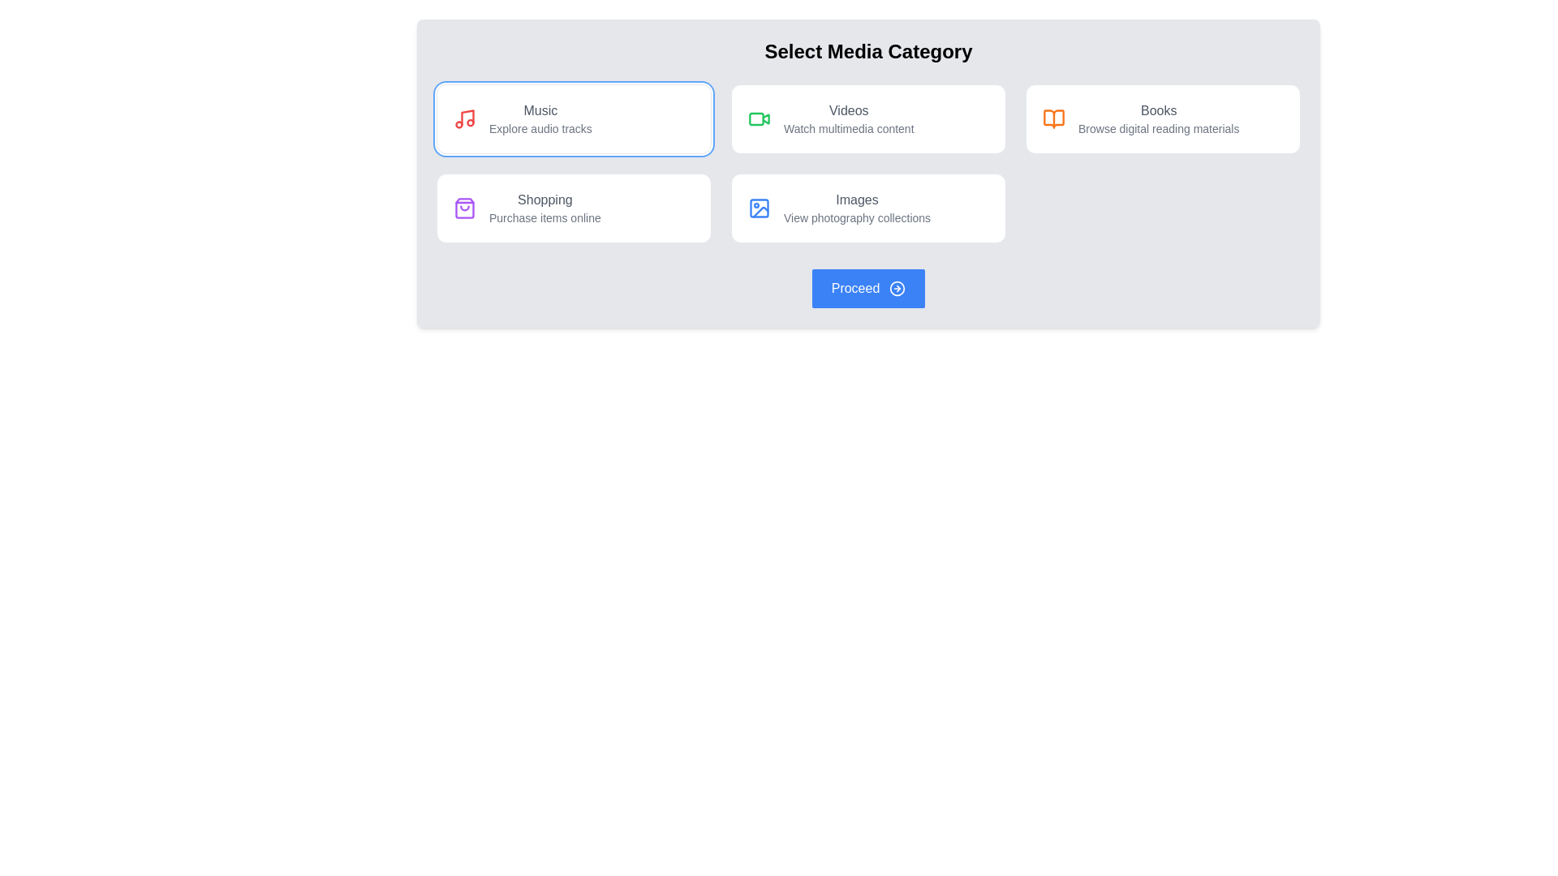 The width and height of the screenshot is (1558, 876). I want to click on the button representing the 'Shopping' category, located in the second row, first column of the options grid, underneath the 'Music' card and to the left of the 'Images' card, so click(574, 208).